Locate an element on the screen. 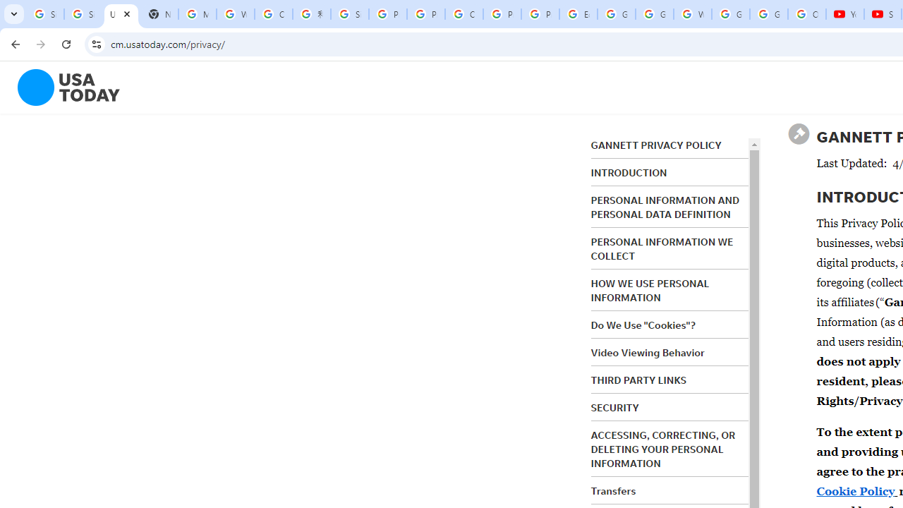 The width and height of the screenshot is (903, 508). 'PERSONAL INFORMATION AND PERSONAL DATA DEFINITION' is located at coordinates (665, 207).